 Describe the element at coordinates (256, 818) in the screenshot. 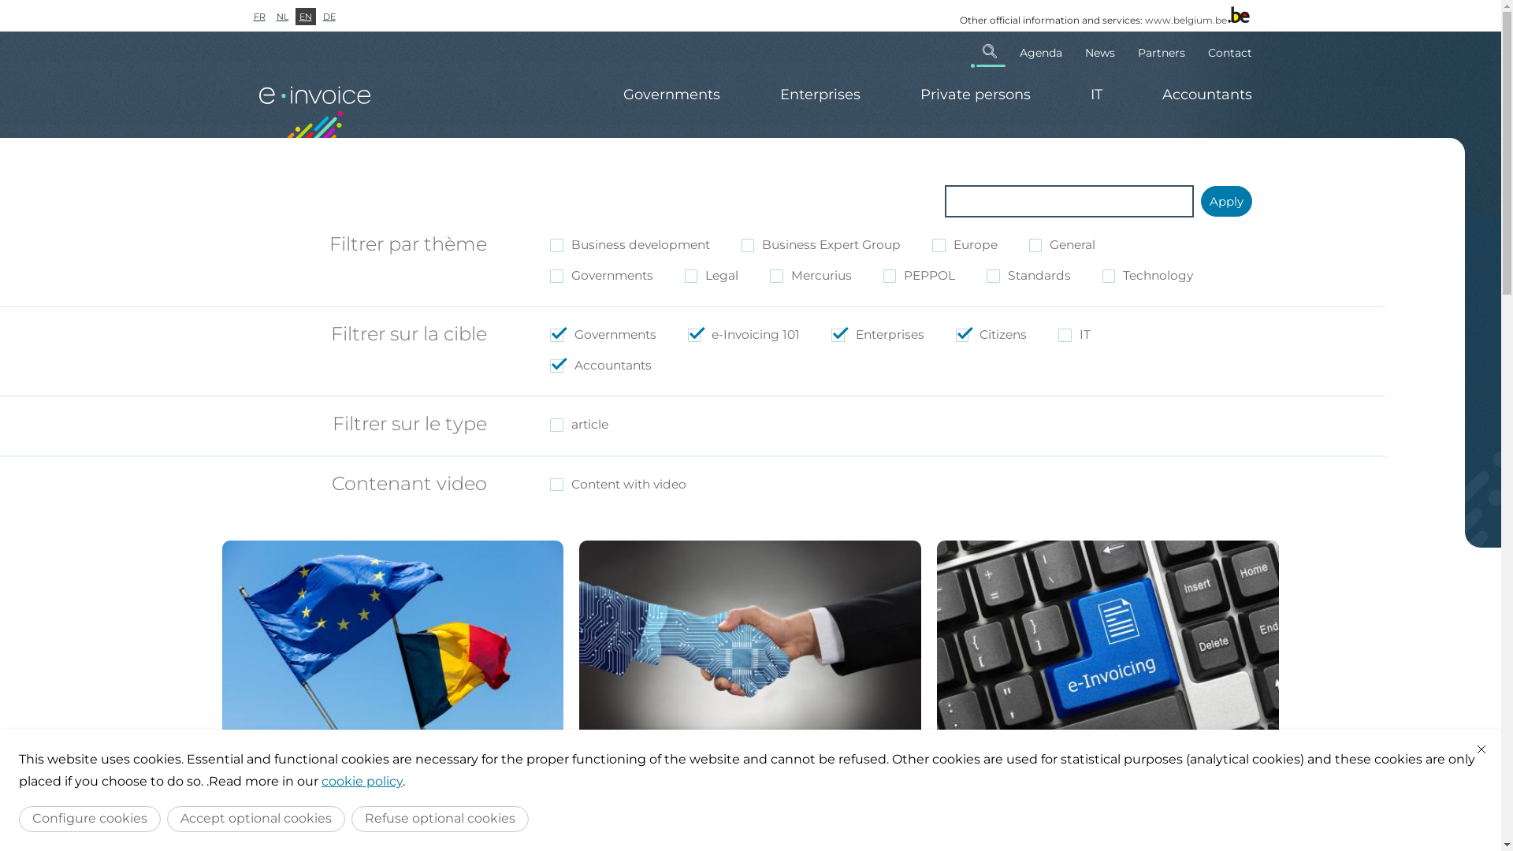

I see `'Accept optional cookies'` at that location.